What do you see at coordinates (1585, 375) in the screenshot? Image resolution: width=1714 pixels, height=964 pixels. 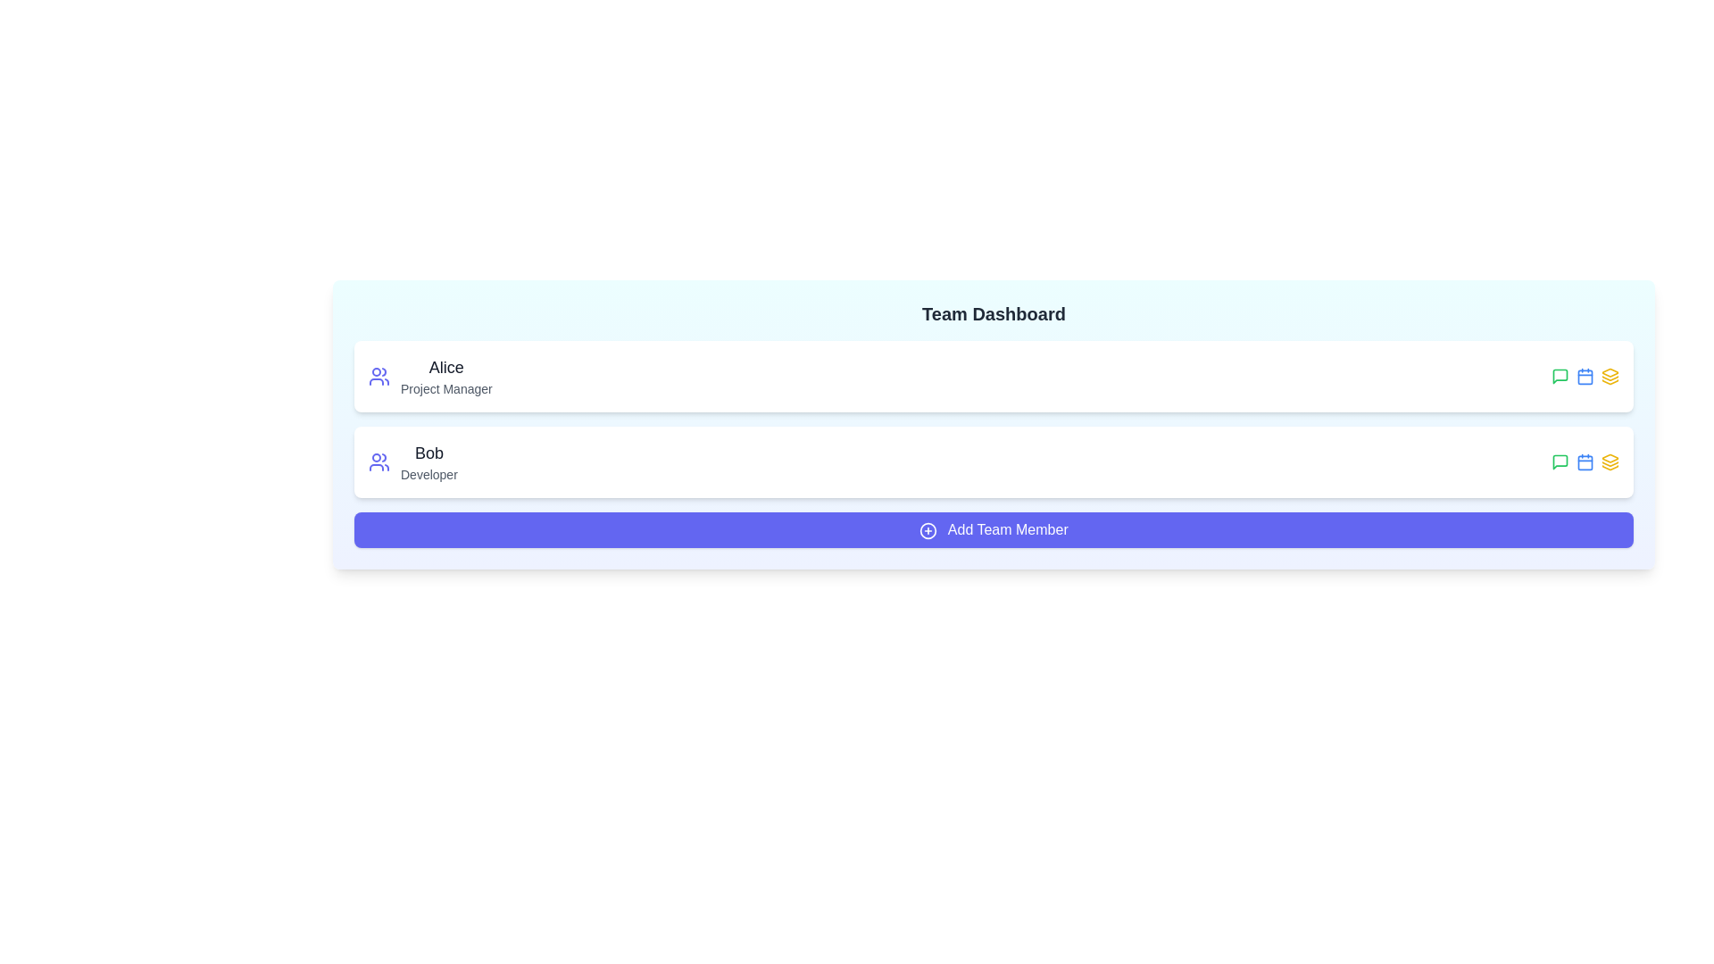 I see `the calendar icon used to schedule or manage dates located within the card for 'Alice, Project Manager', specifically the second icon in a row of three interactive icons towards the right edge of the card` at bounding box center [1585, 375].